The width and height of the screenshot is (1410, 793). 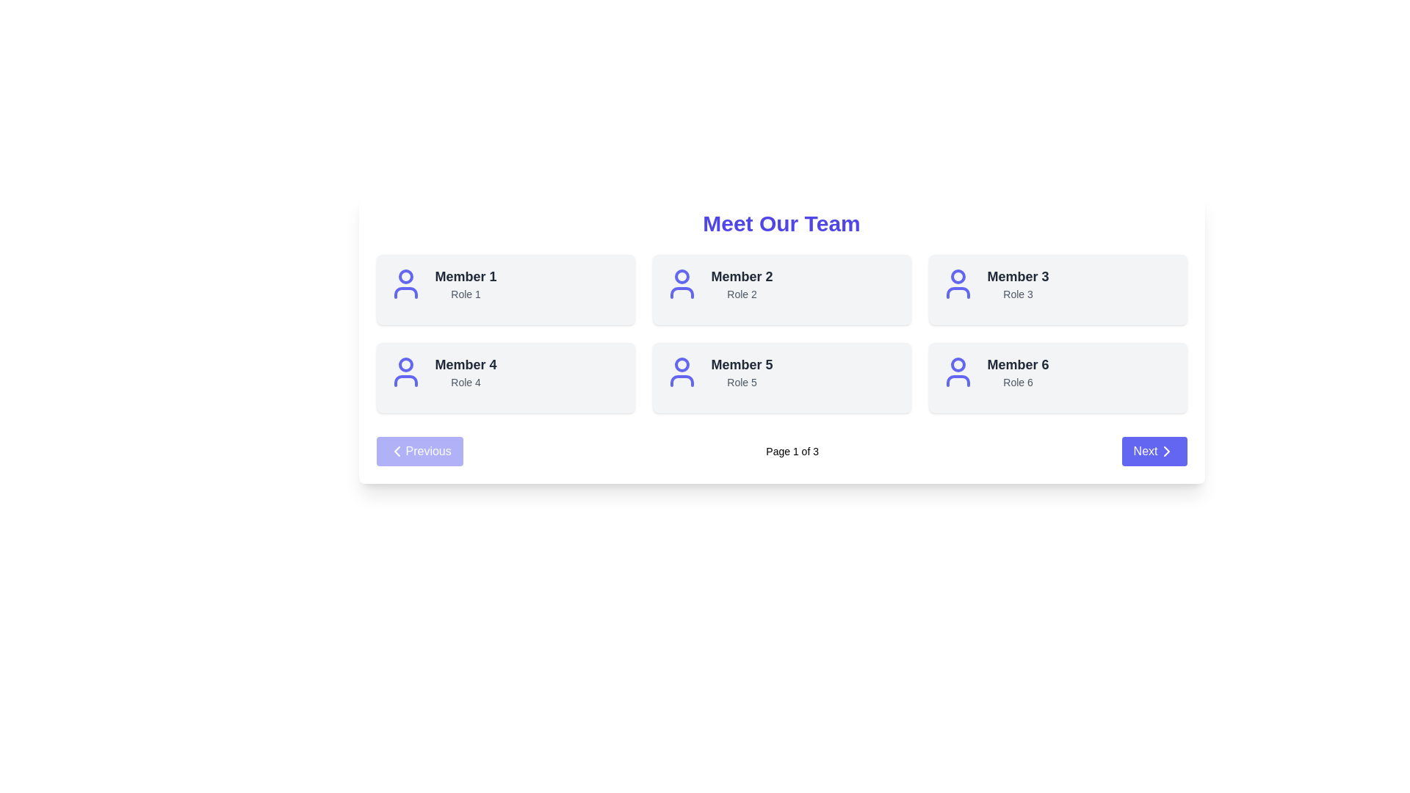 What do you see at coordinates (742, 283) in the screenshot?
I see `the member information displayed` at bounding box center [742, 283].